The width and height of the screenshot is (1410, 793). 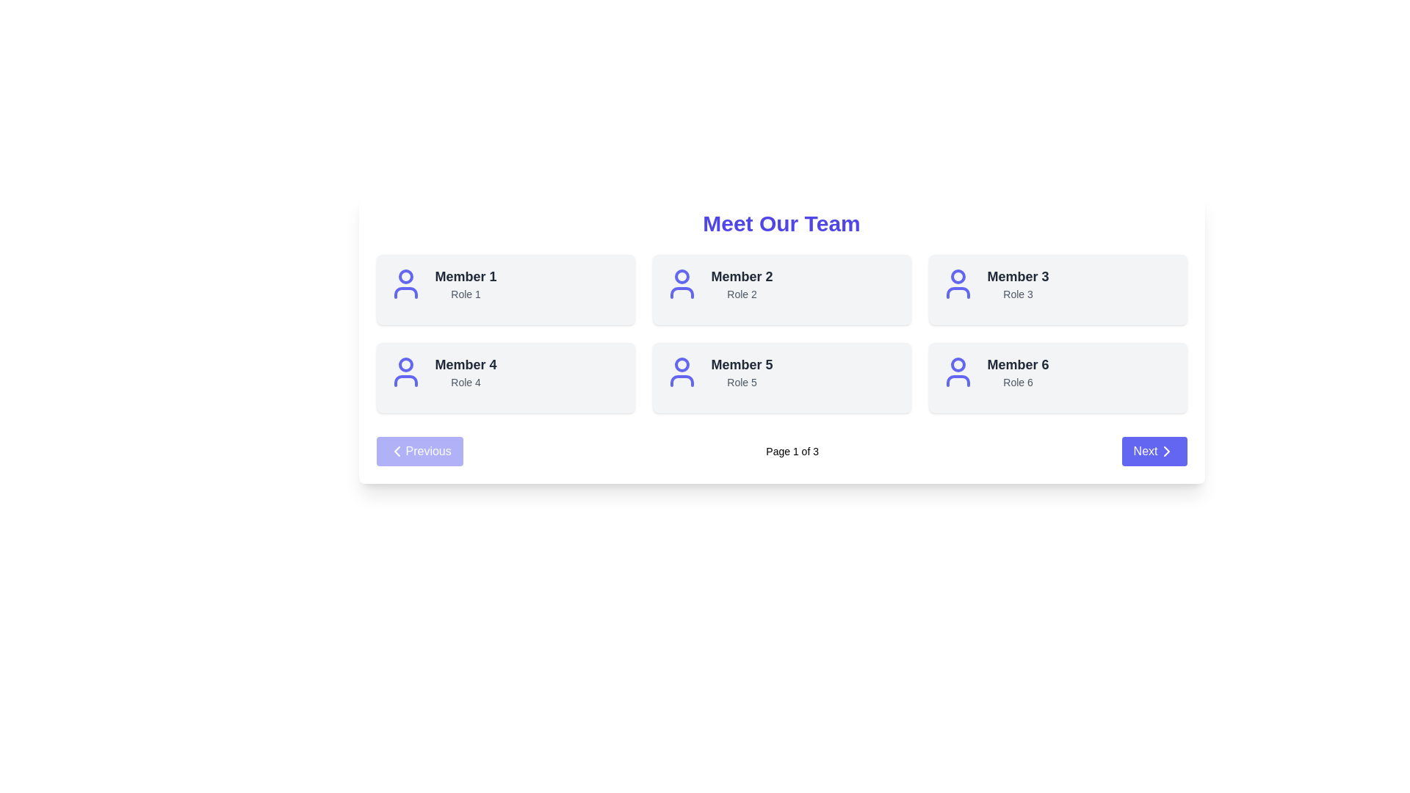 What do you see at coordinates (742, 283) in the screenshot?
I see `the member information displayed` at bounding box center [742, 283].